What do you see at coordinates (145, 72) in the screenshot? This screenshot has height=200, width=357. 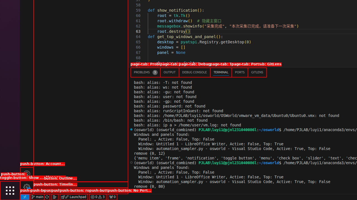 I see `'Problems (Ctrl+Shift+M) - Total 3 Problems'` at bounding box center [145, 72].